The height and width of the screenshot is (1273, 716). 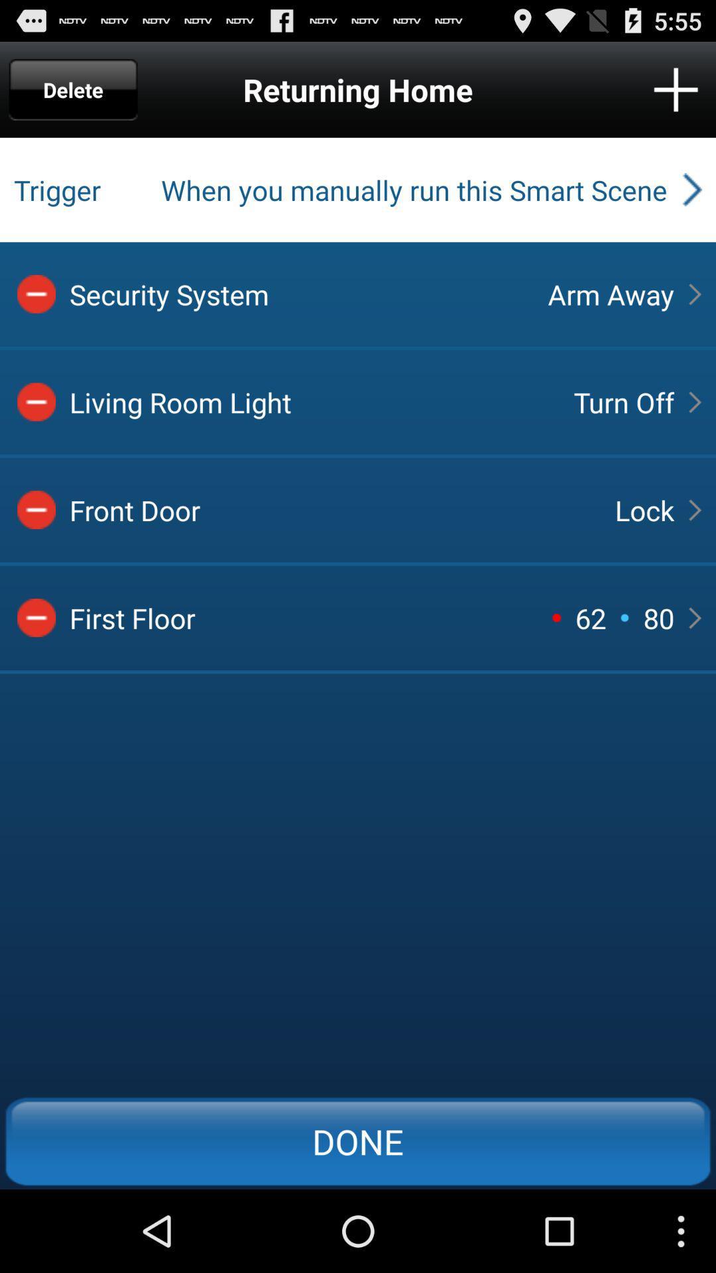 What do you see at coordinates (36, 401) in the screenshot?
I see `select option` at bounding box center [36, 401].